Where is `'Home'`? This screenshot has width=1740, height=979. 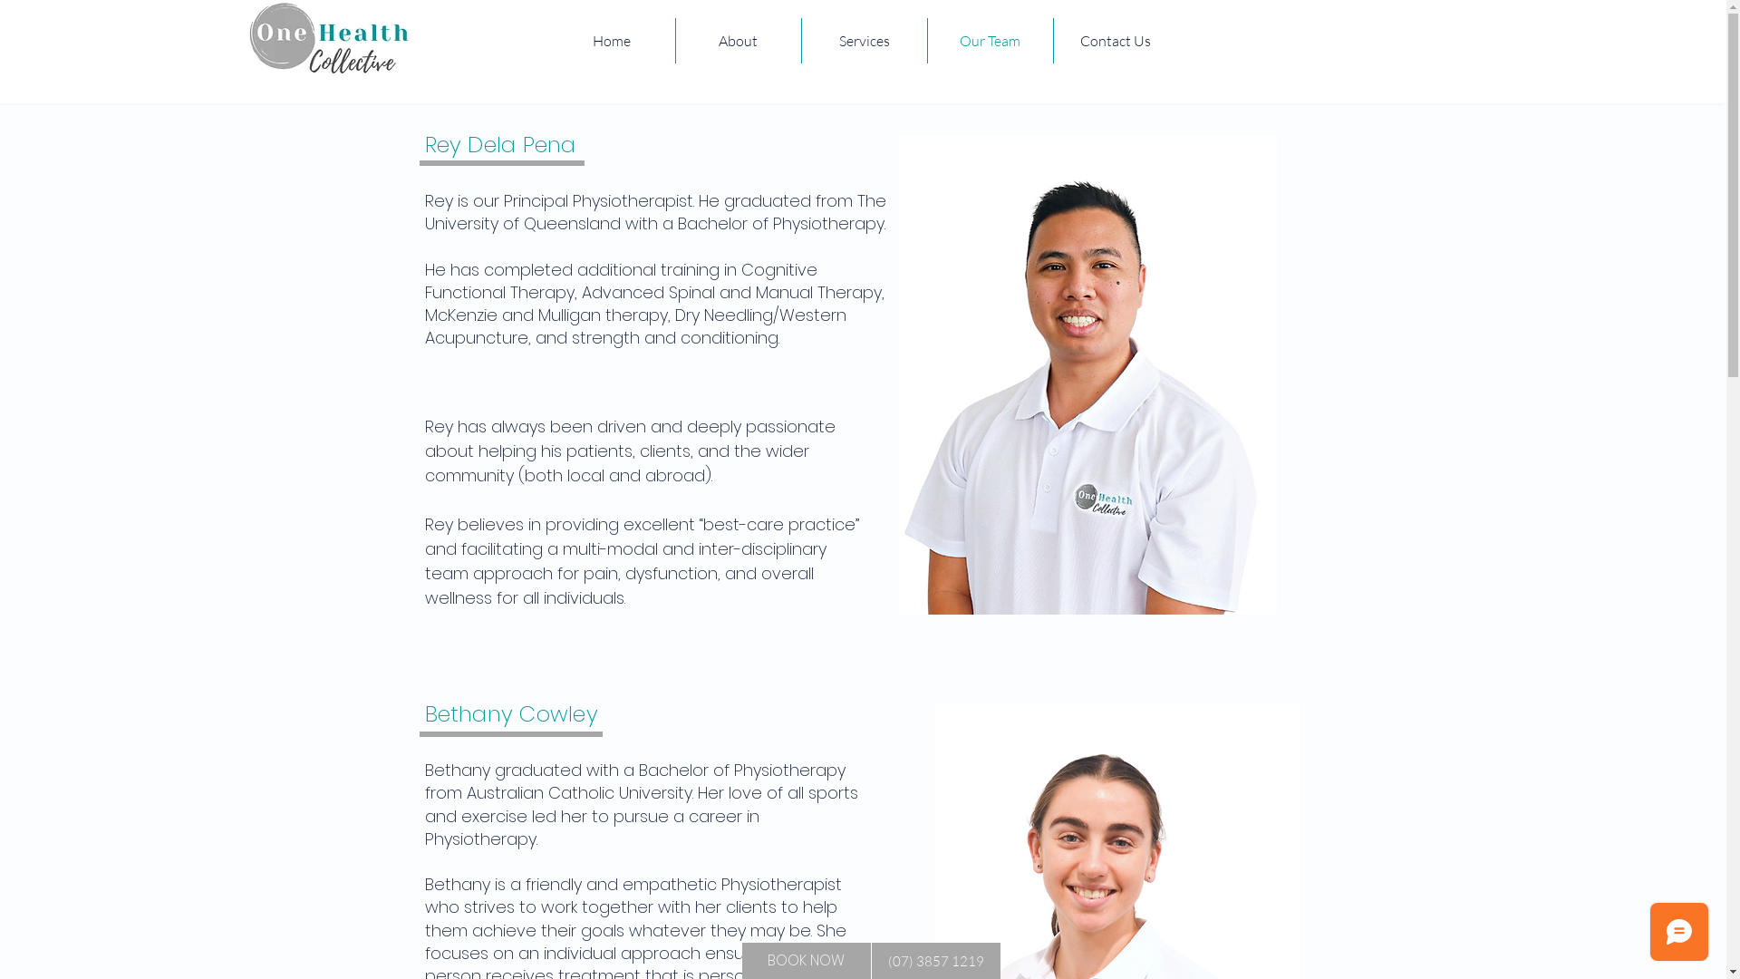 'Home' is located at coordinates (612, 41).